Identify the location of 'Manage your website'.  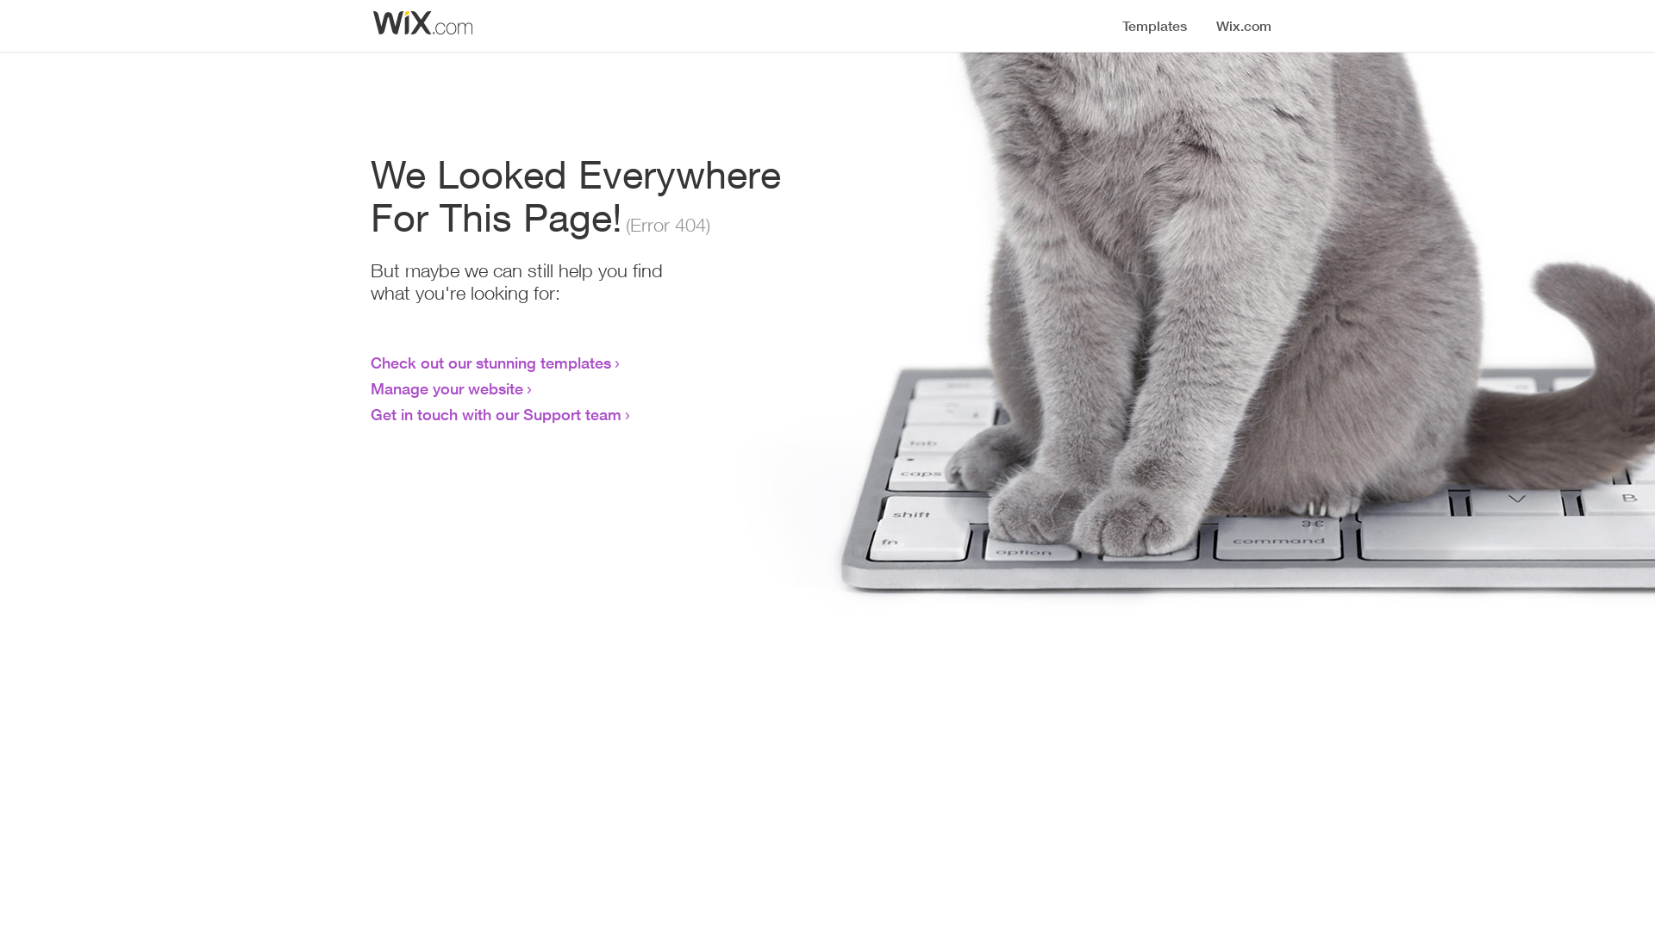
(370, 388).